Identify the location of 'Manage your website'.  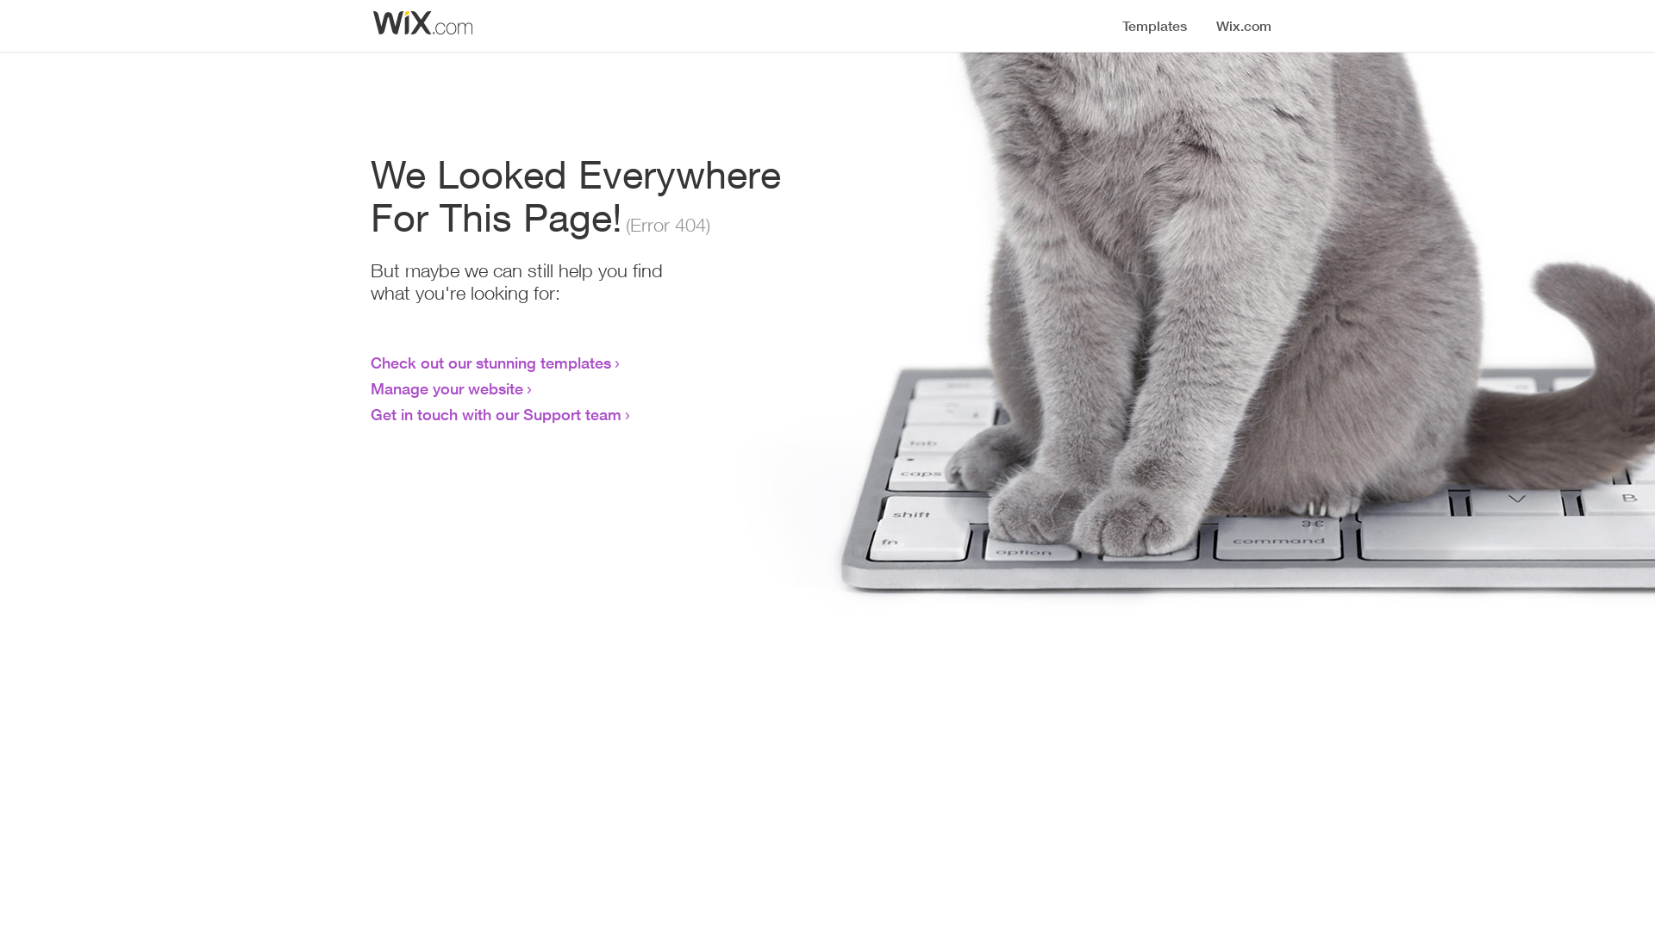
(370, 388).